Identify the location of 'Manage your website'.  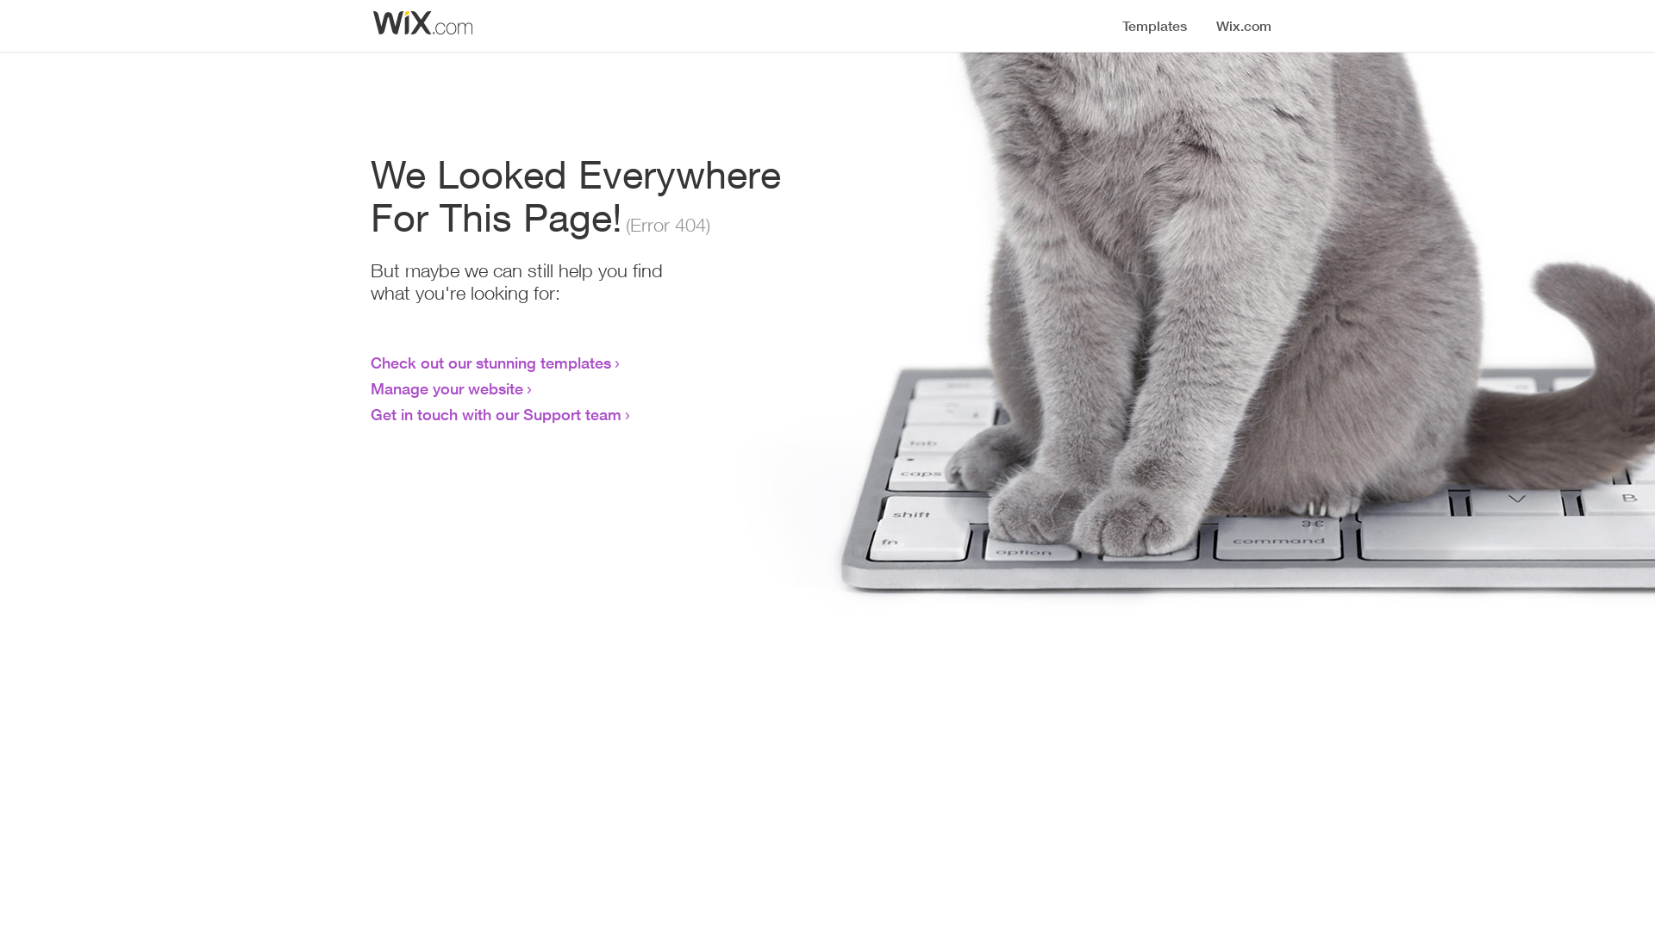
(370, 388).